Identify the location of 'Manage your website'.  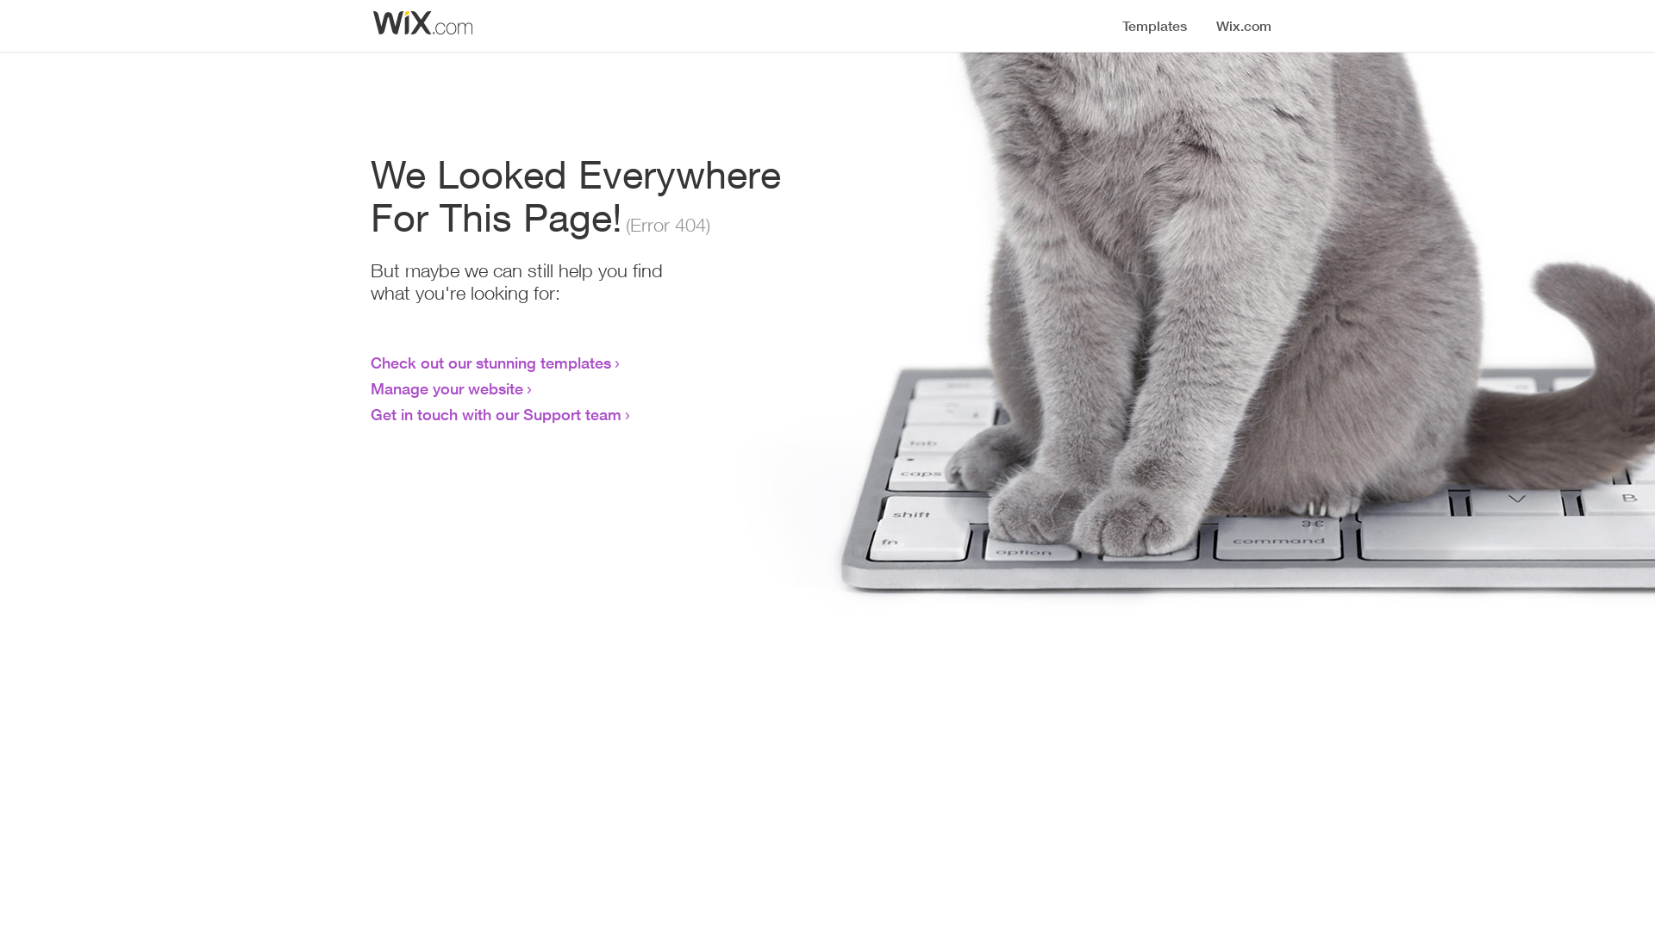
(370, 388).